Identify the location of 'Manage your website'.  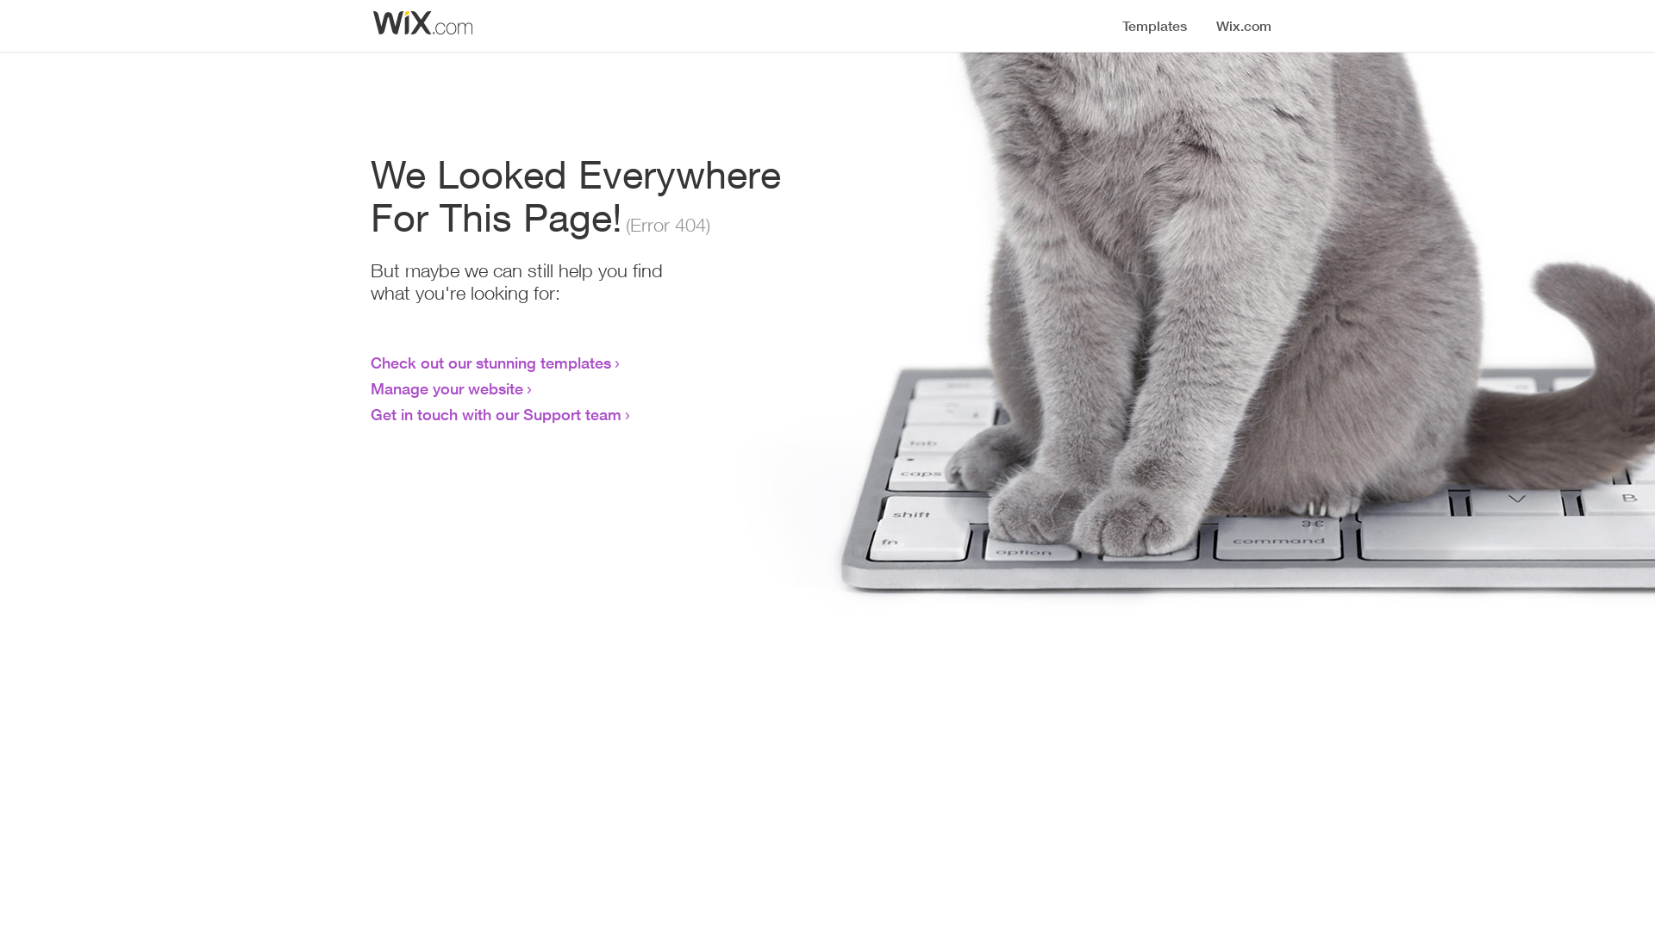
(370, 388).